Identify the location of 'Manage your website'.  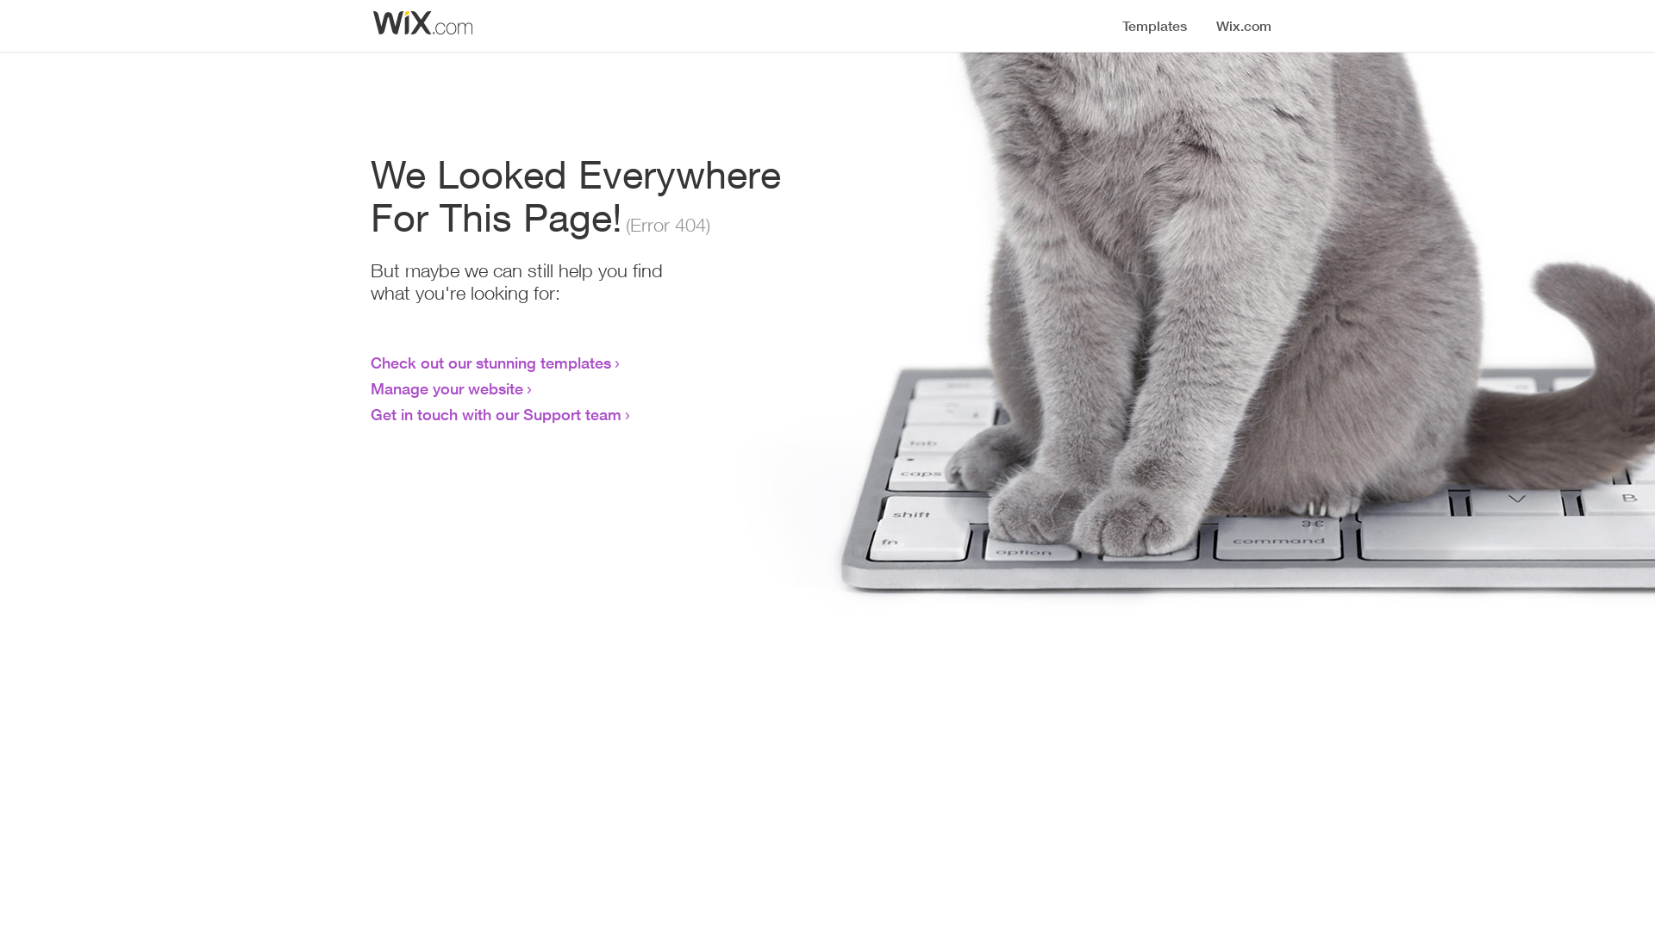
(370, 388).